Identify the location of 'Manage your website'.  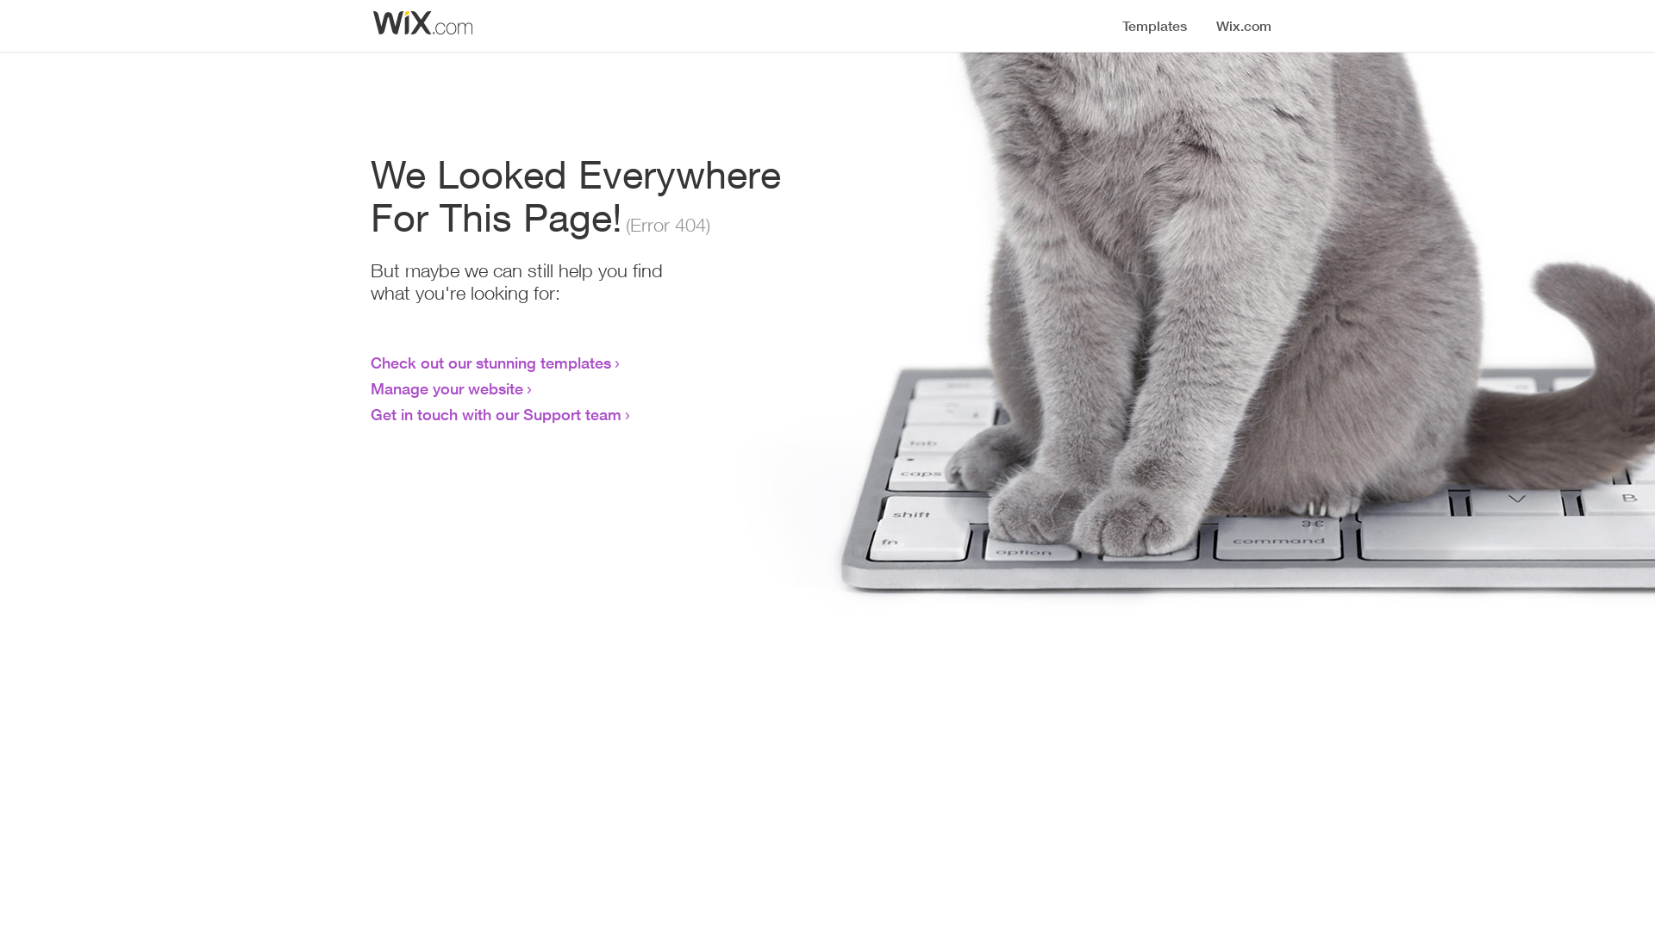
(370, 388).